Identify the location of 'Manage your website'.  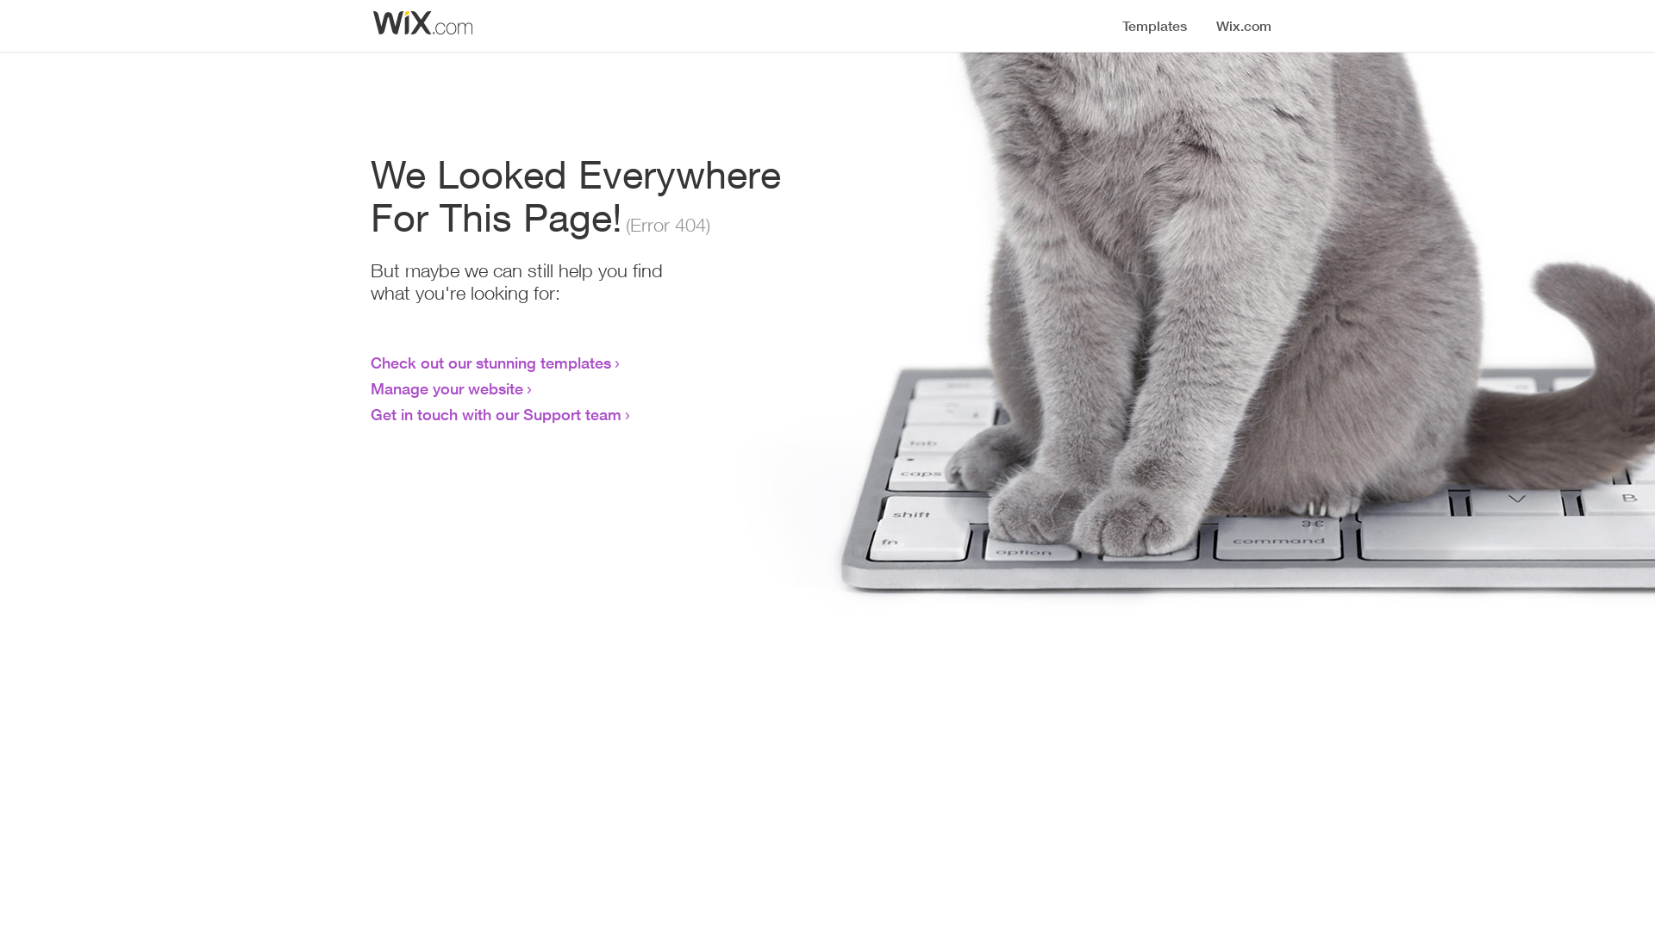
(370, 388).